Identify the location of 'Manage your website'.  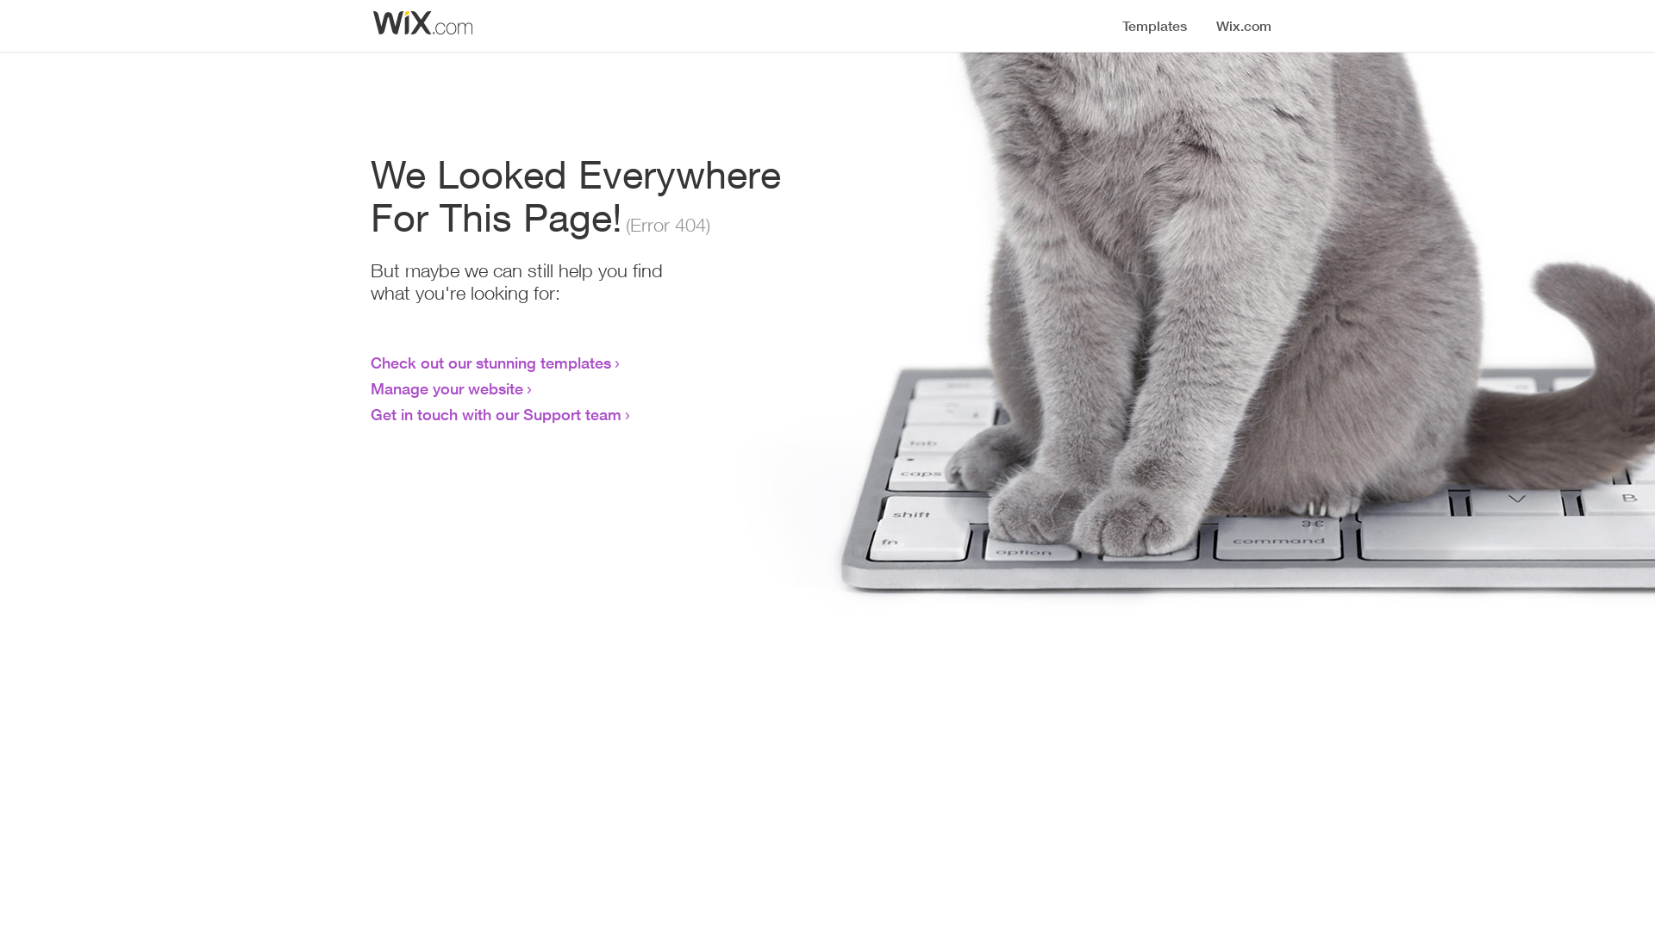
(370, 388).